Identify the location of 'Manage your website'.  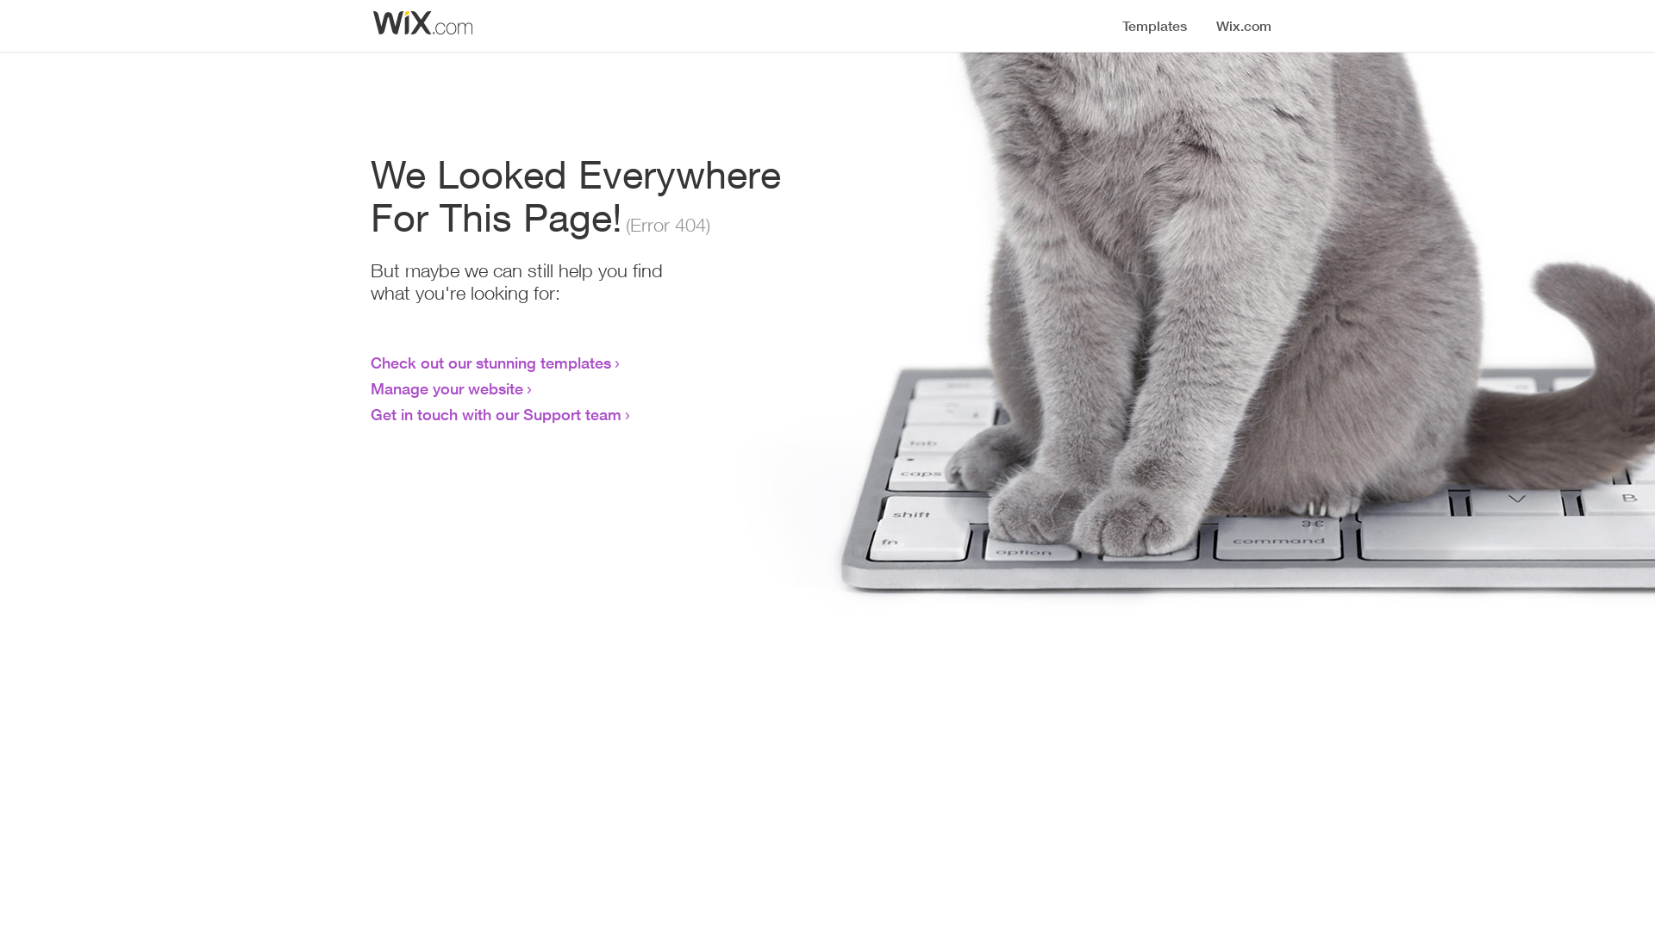
(370, 388).